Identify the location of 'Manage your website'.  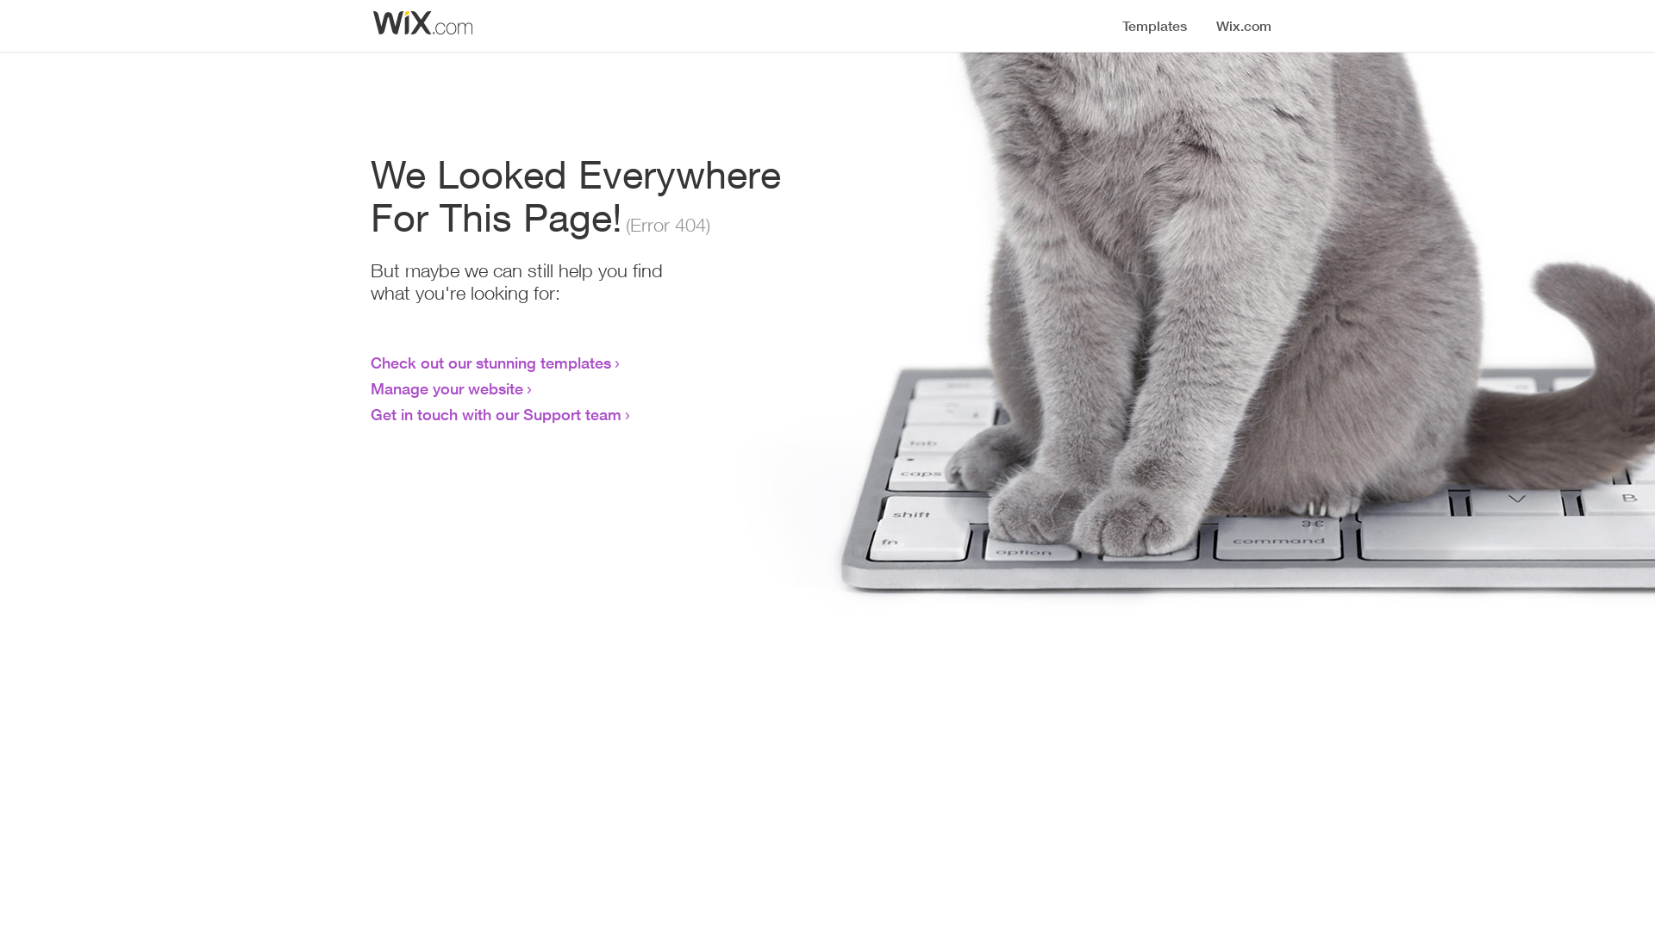
(370, 388).